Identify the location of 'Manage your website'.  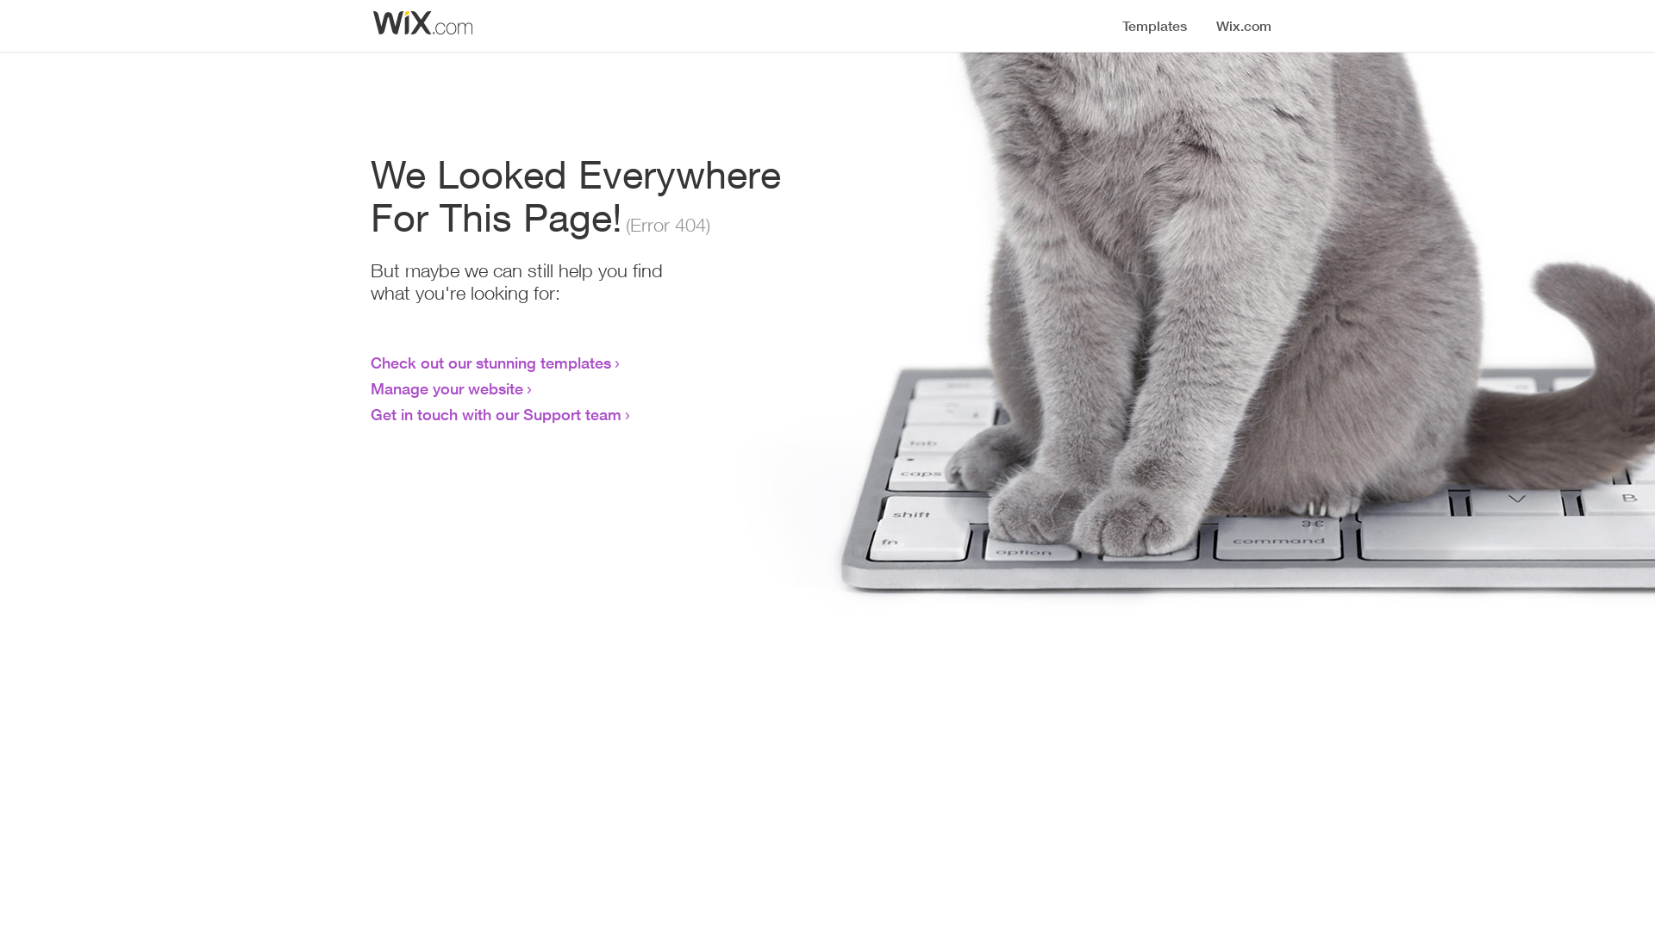
(370, 388).